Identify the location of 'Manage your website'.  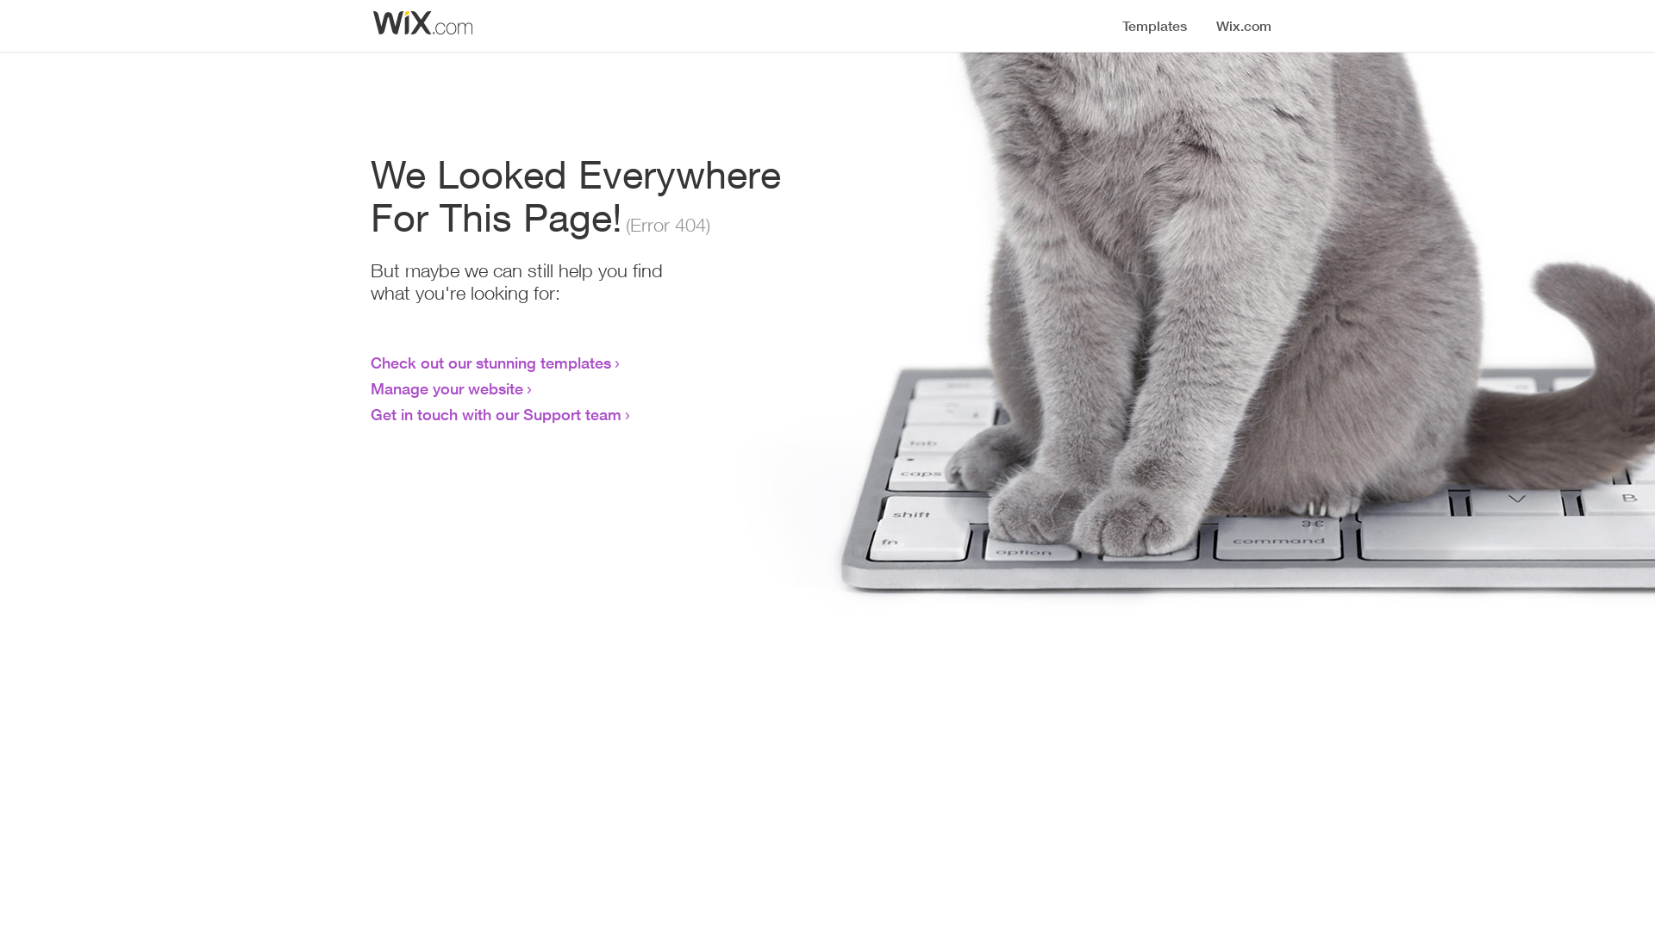
(370, 388).